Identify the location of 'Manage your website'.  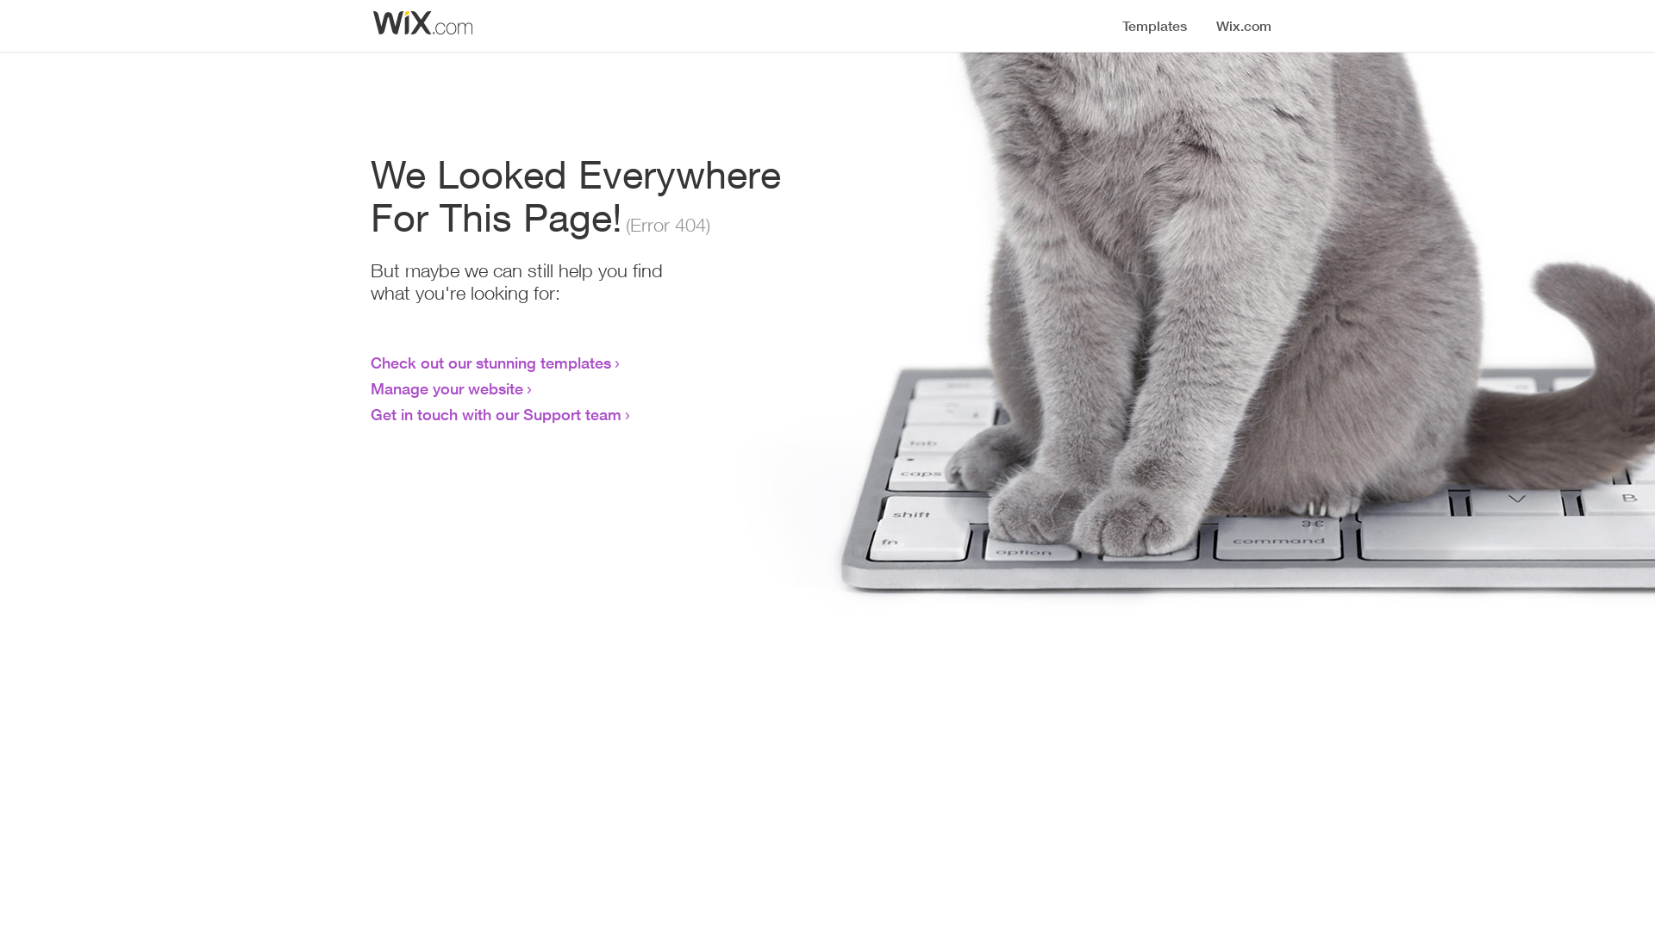
(370, 388).